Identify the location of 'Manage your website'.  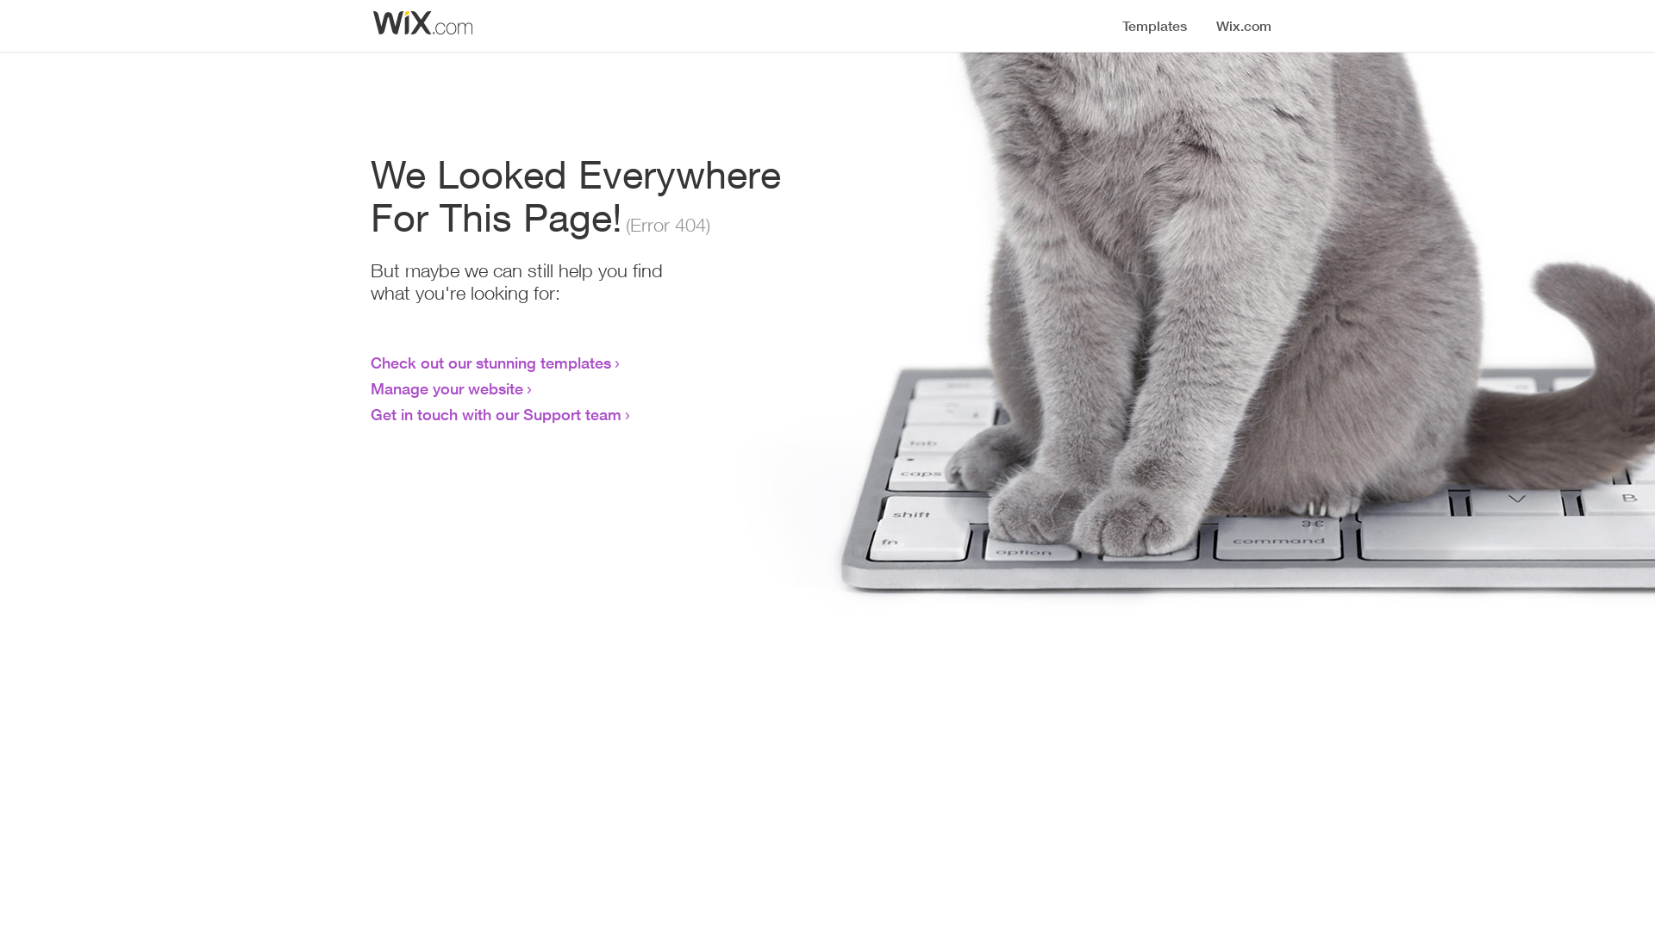
(370, 388).